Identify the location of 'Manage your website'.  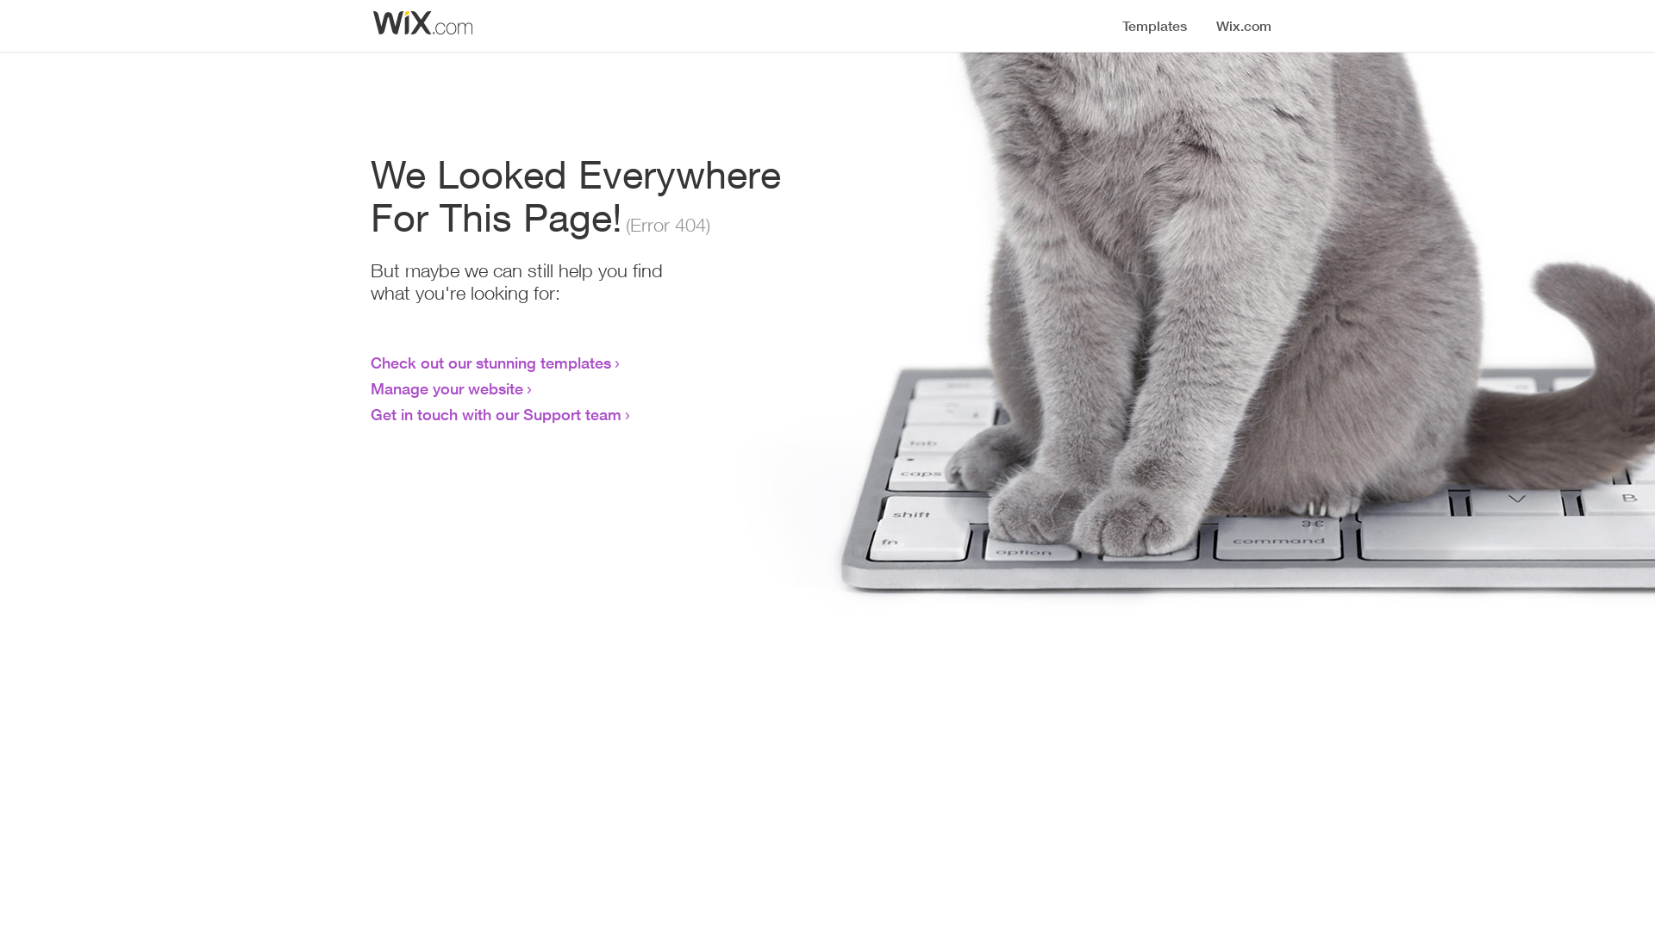
(370, 388).